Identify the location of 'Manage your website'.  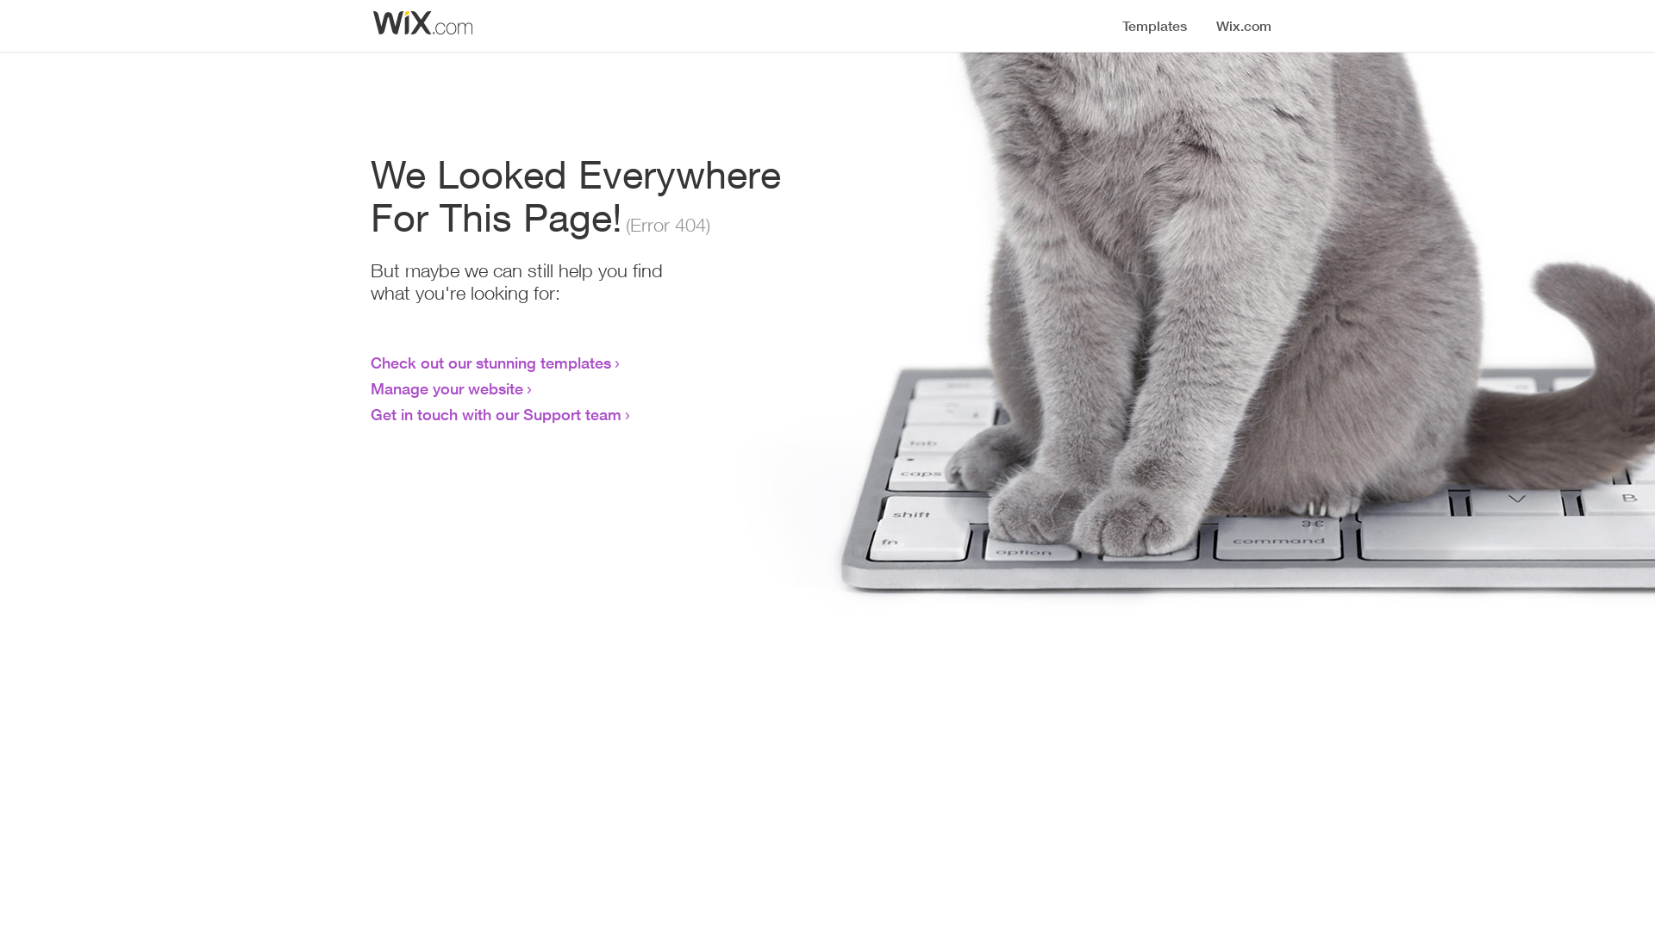
(370, 388).